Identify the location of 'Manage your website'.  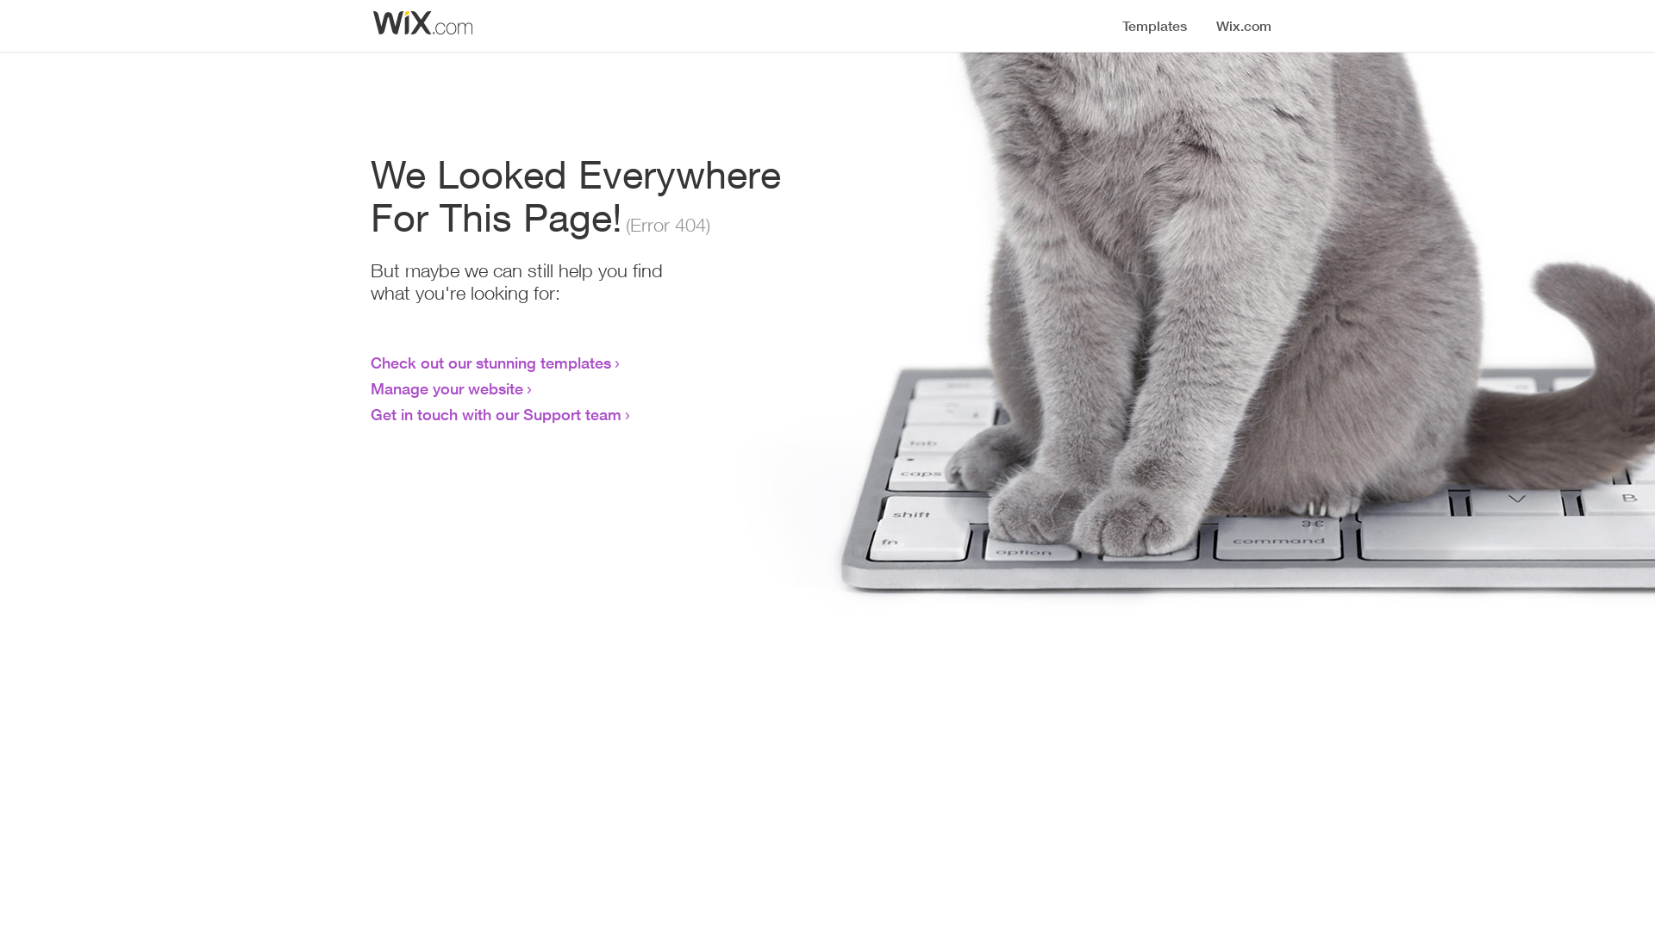
(370, 388).